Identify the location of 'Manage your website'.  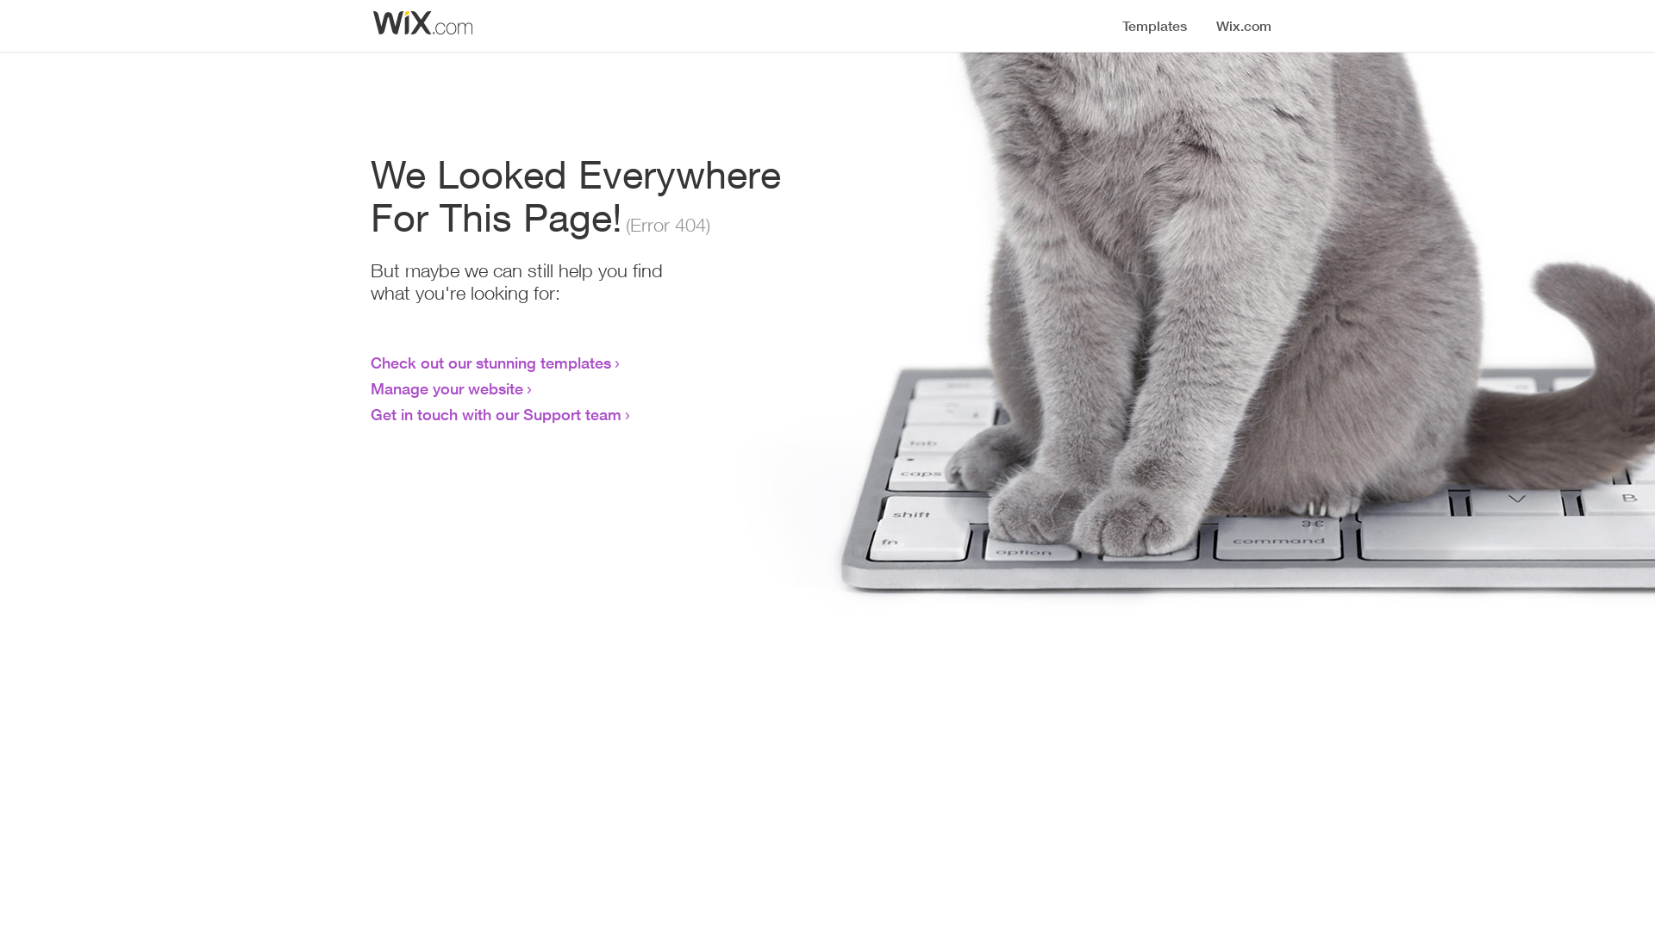
(370, 388).